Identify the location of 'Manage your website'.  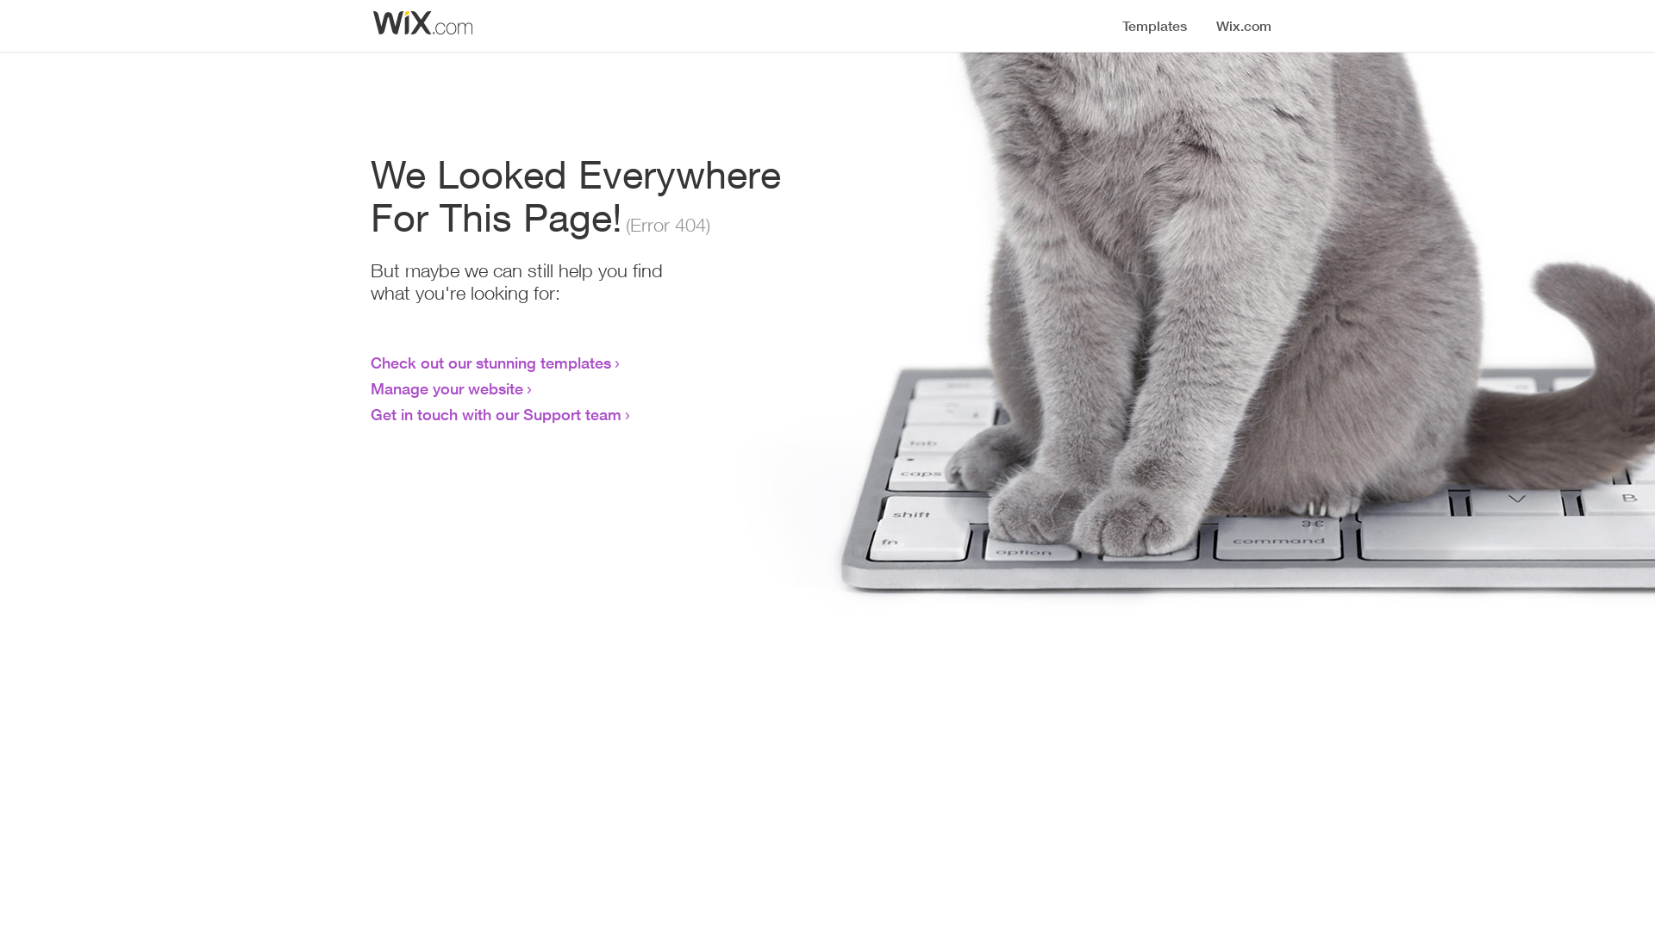
(370, 388).